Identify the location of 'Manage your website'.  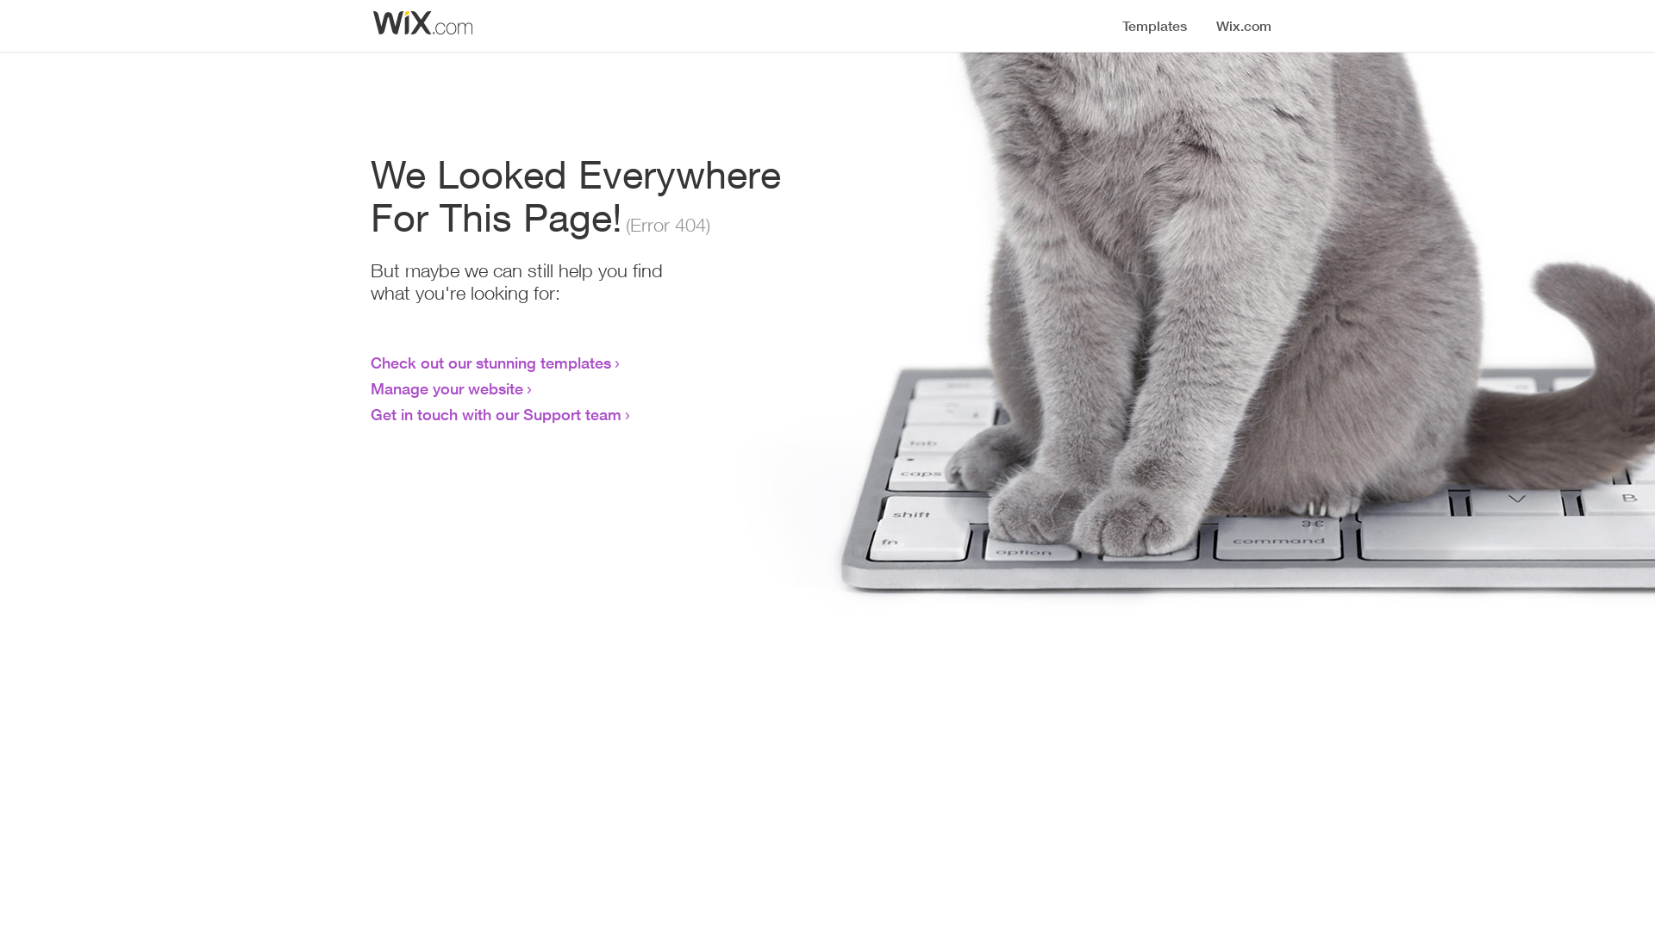
(370, 388).